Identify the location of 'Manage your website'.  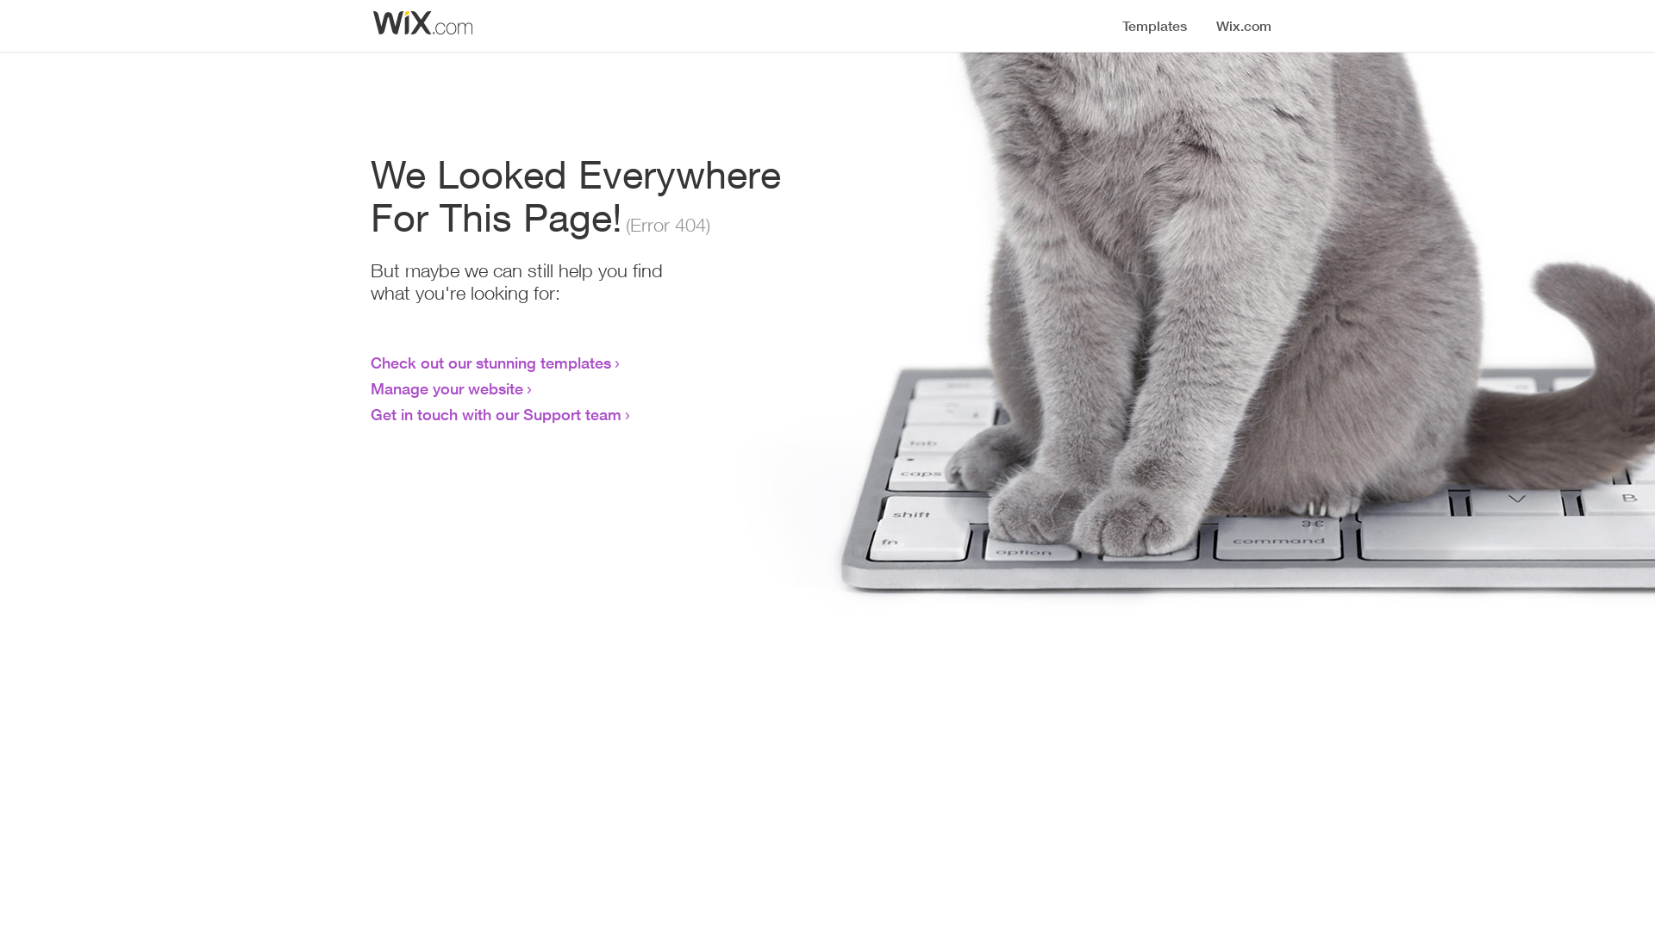
(370, 388).